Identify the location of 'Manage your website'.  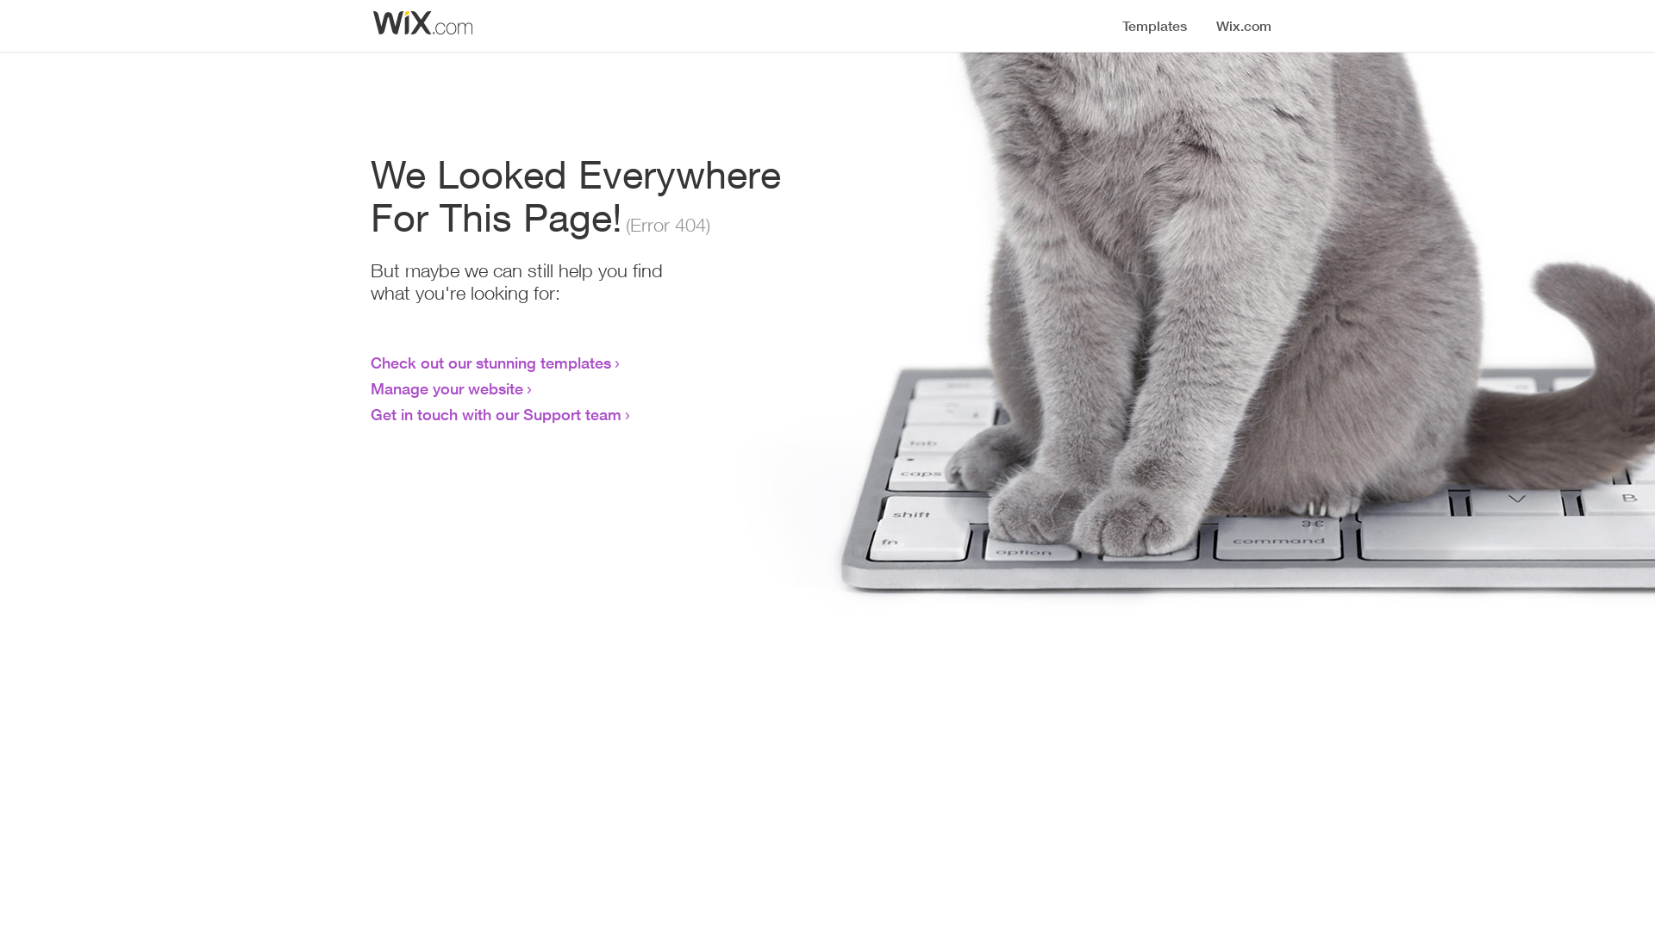
(370, 388).